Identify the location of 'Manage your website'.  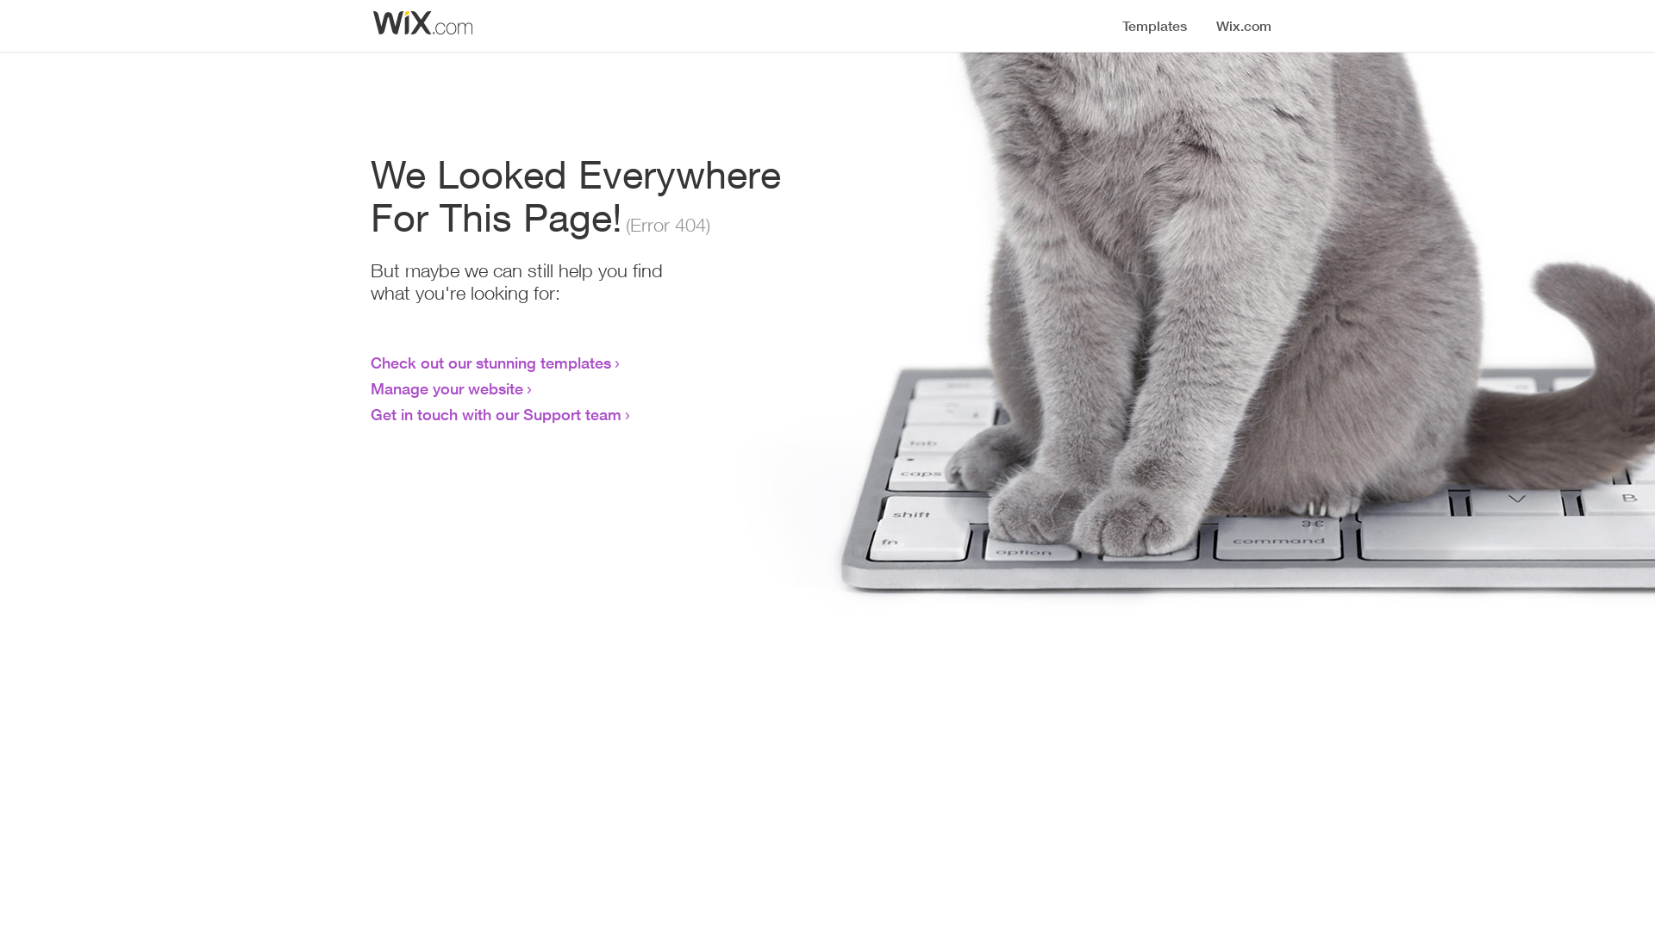
(370, 388).